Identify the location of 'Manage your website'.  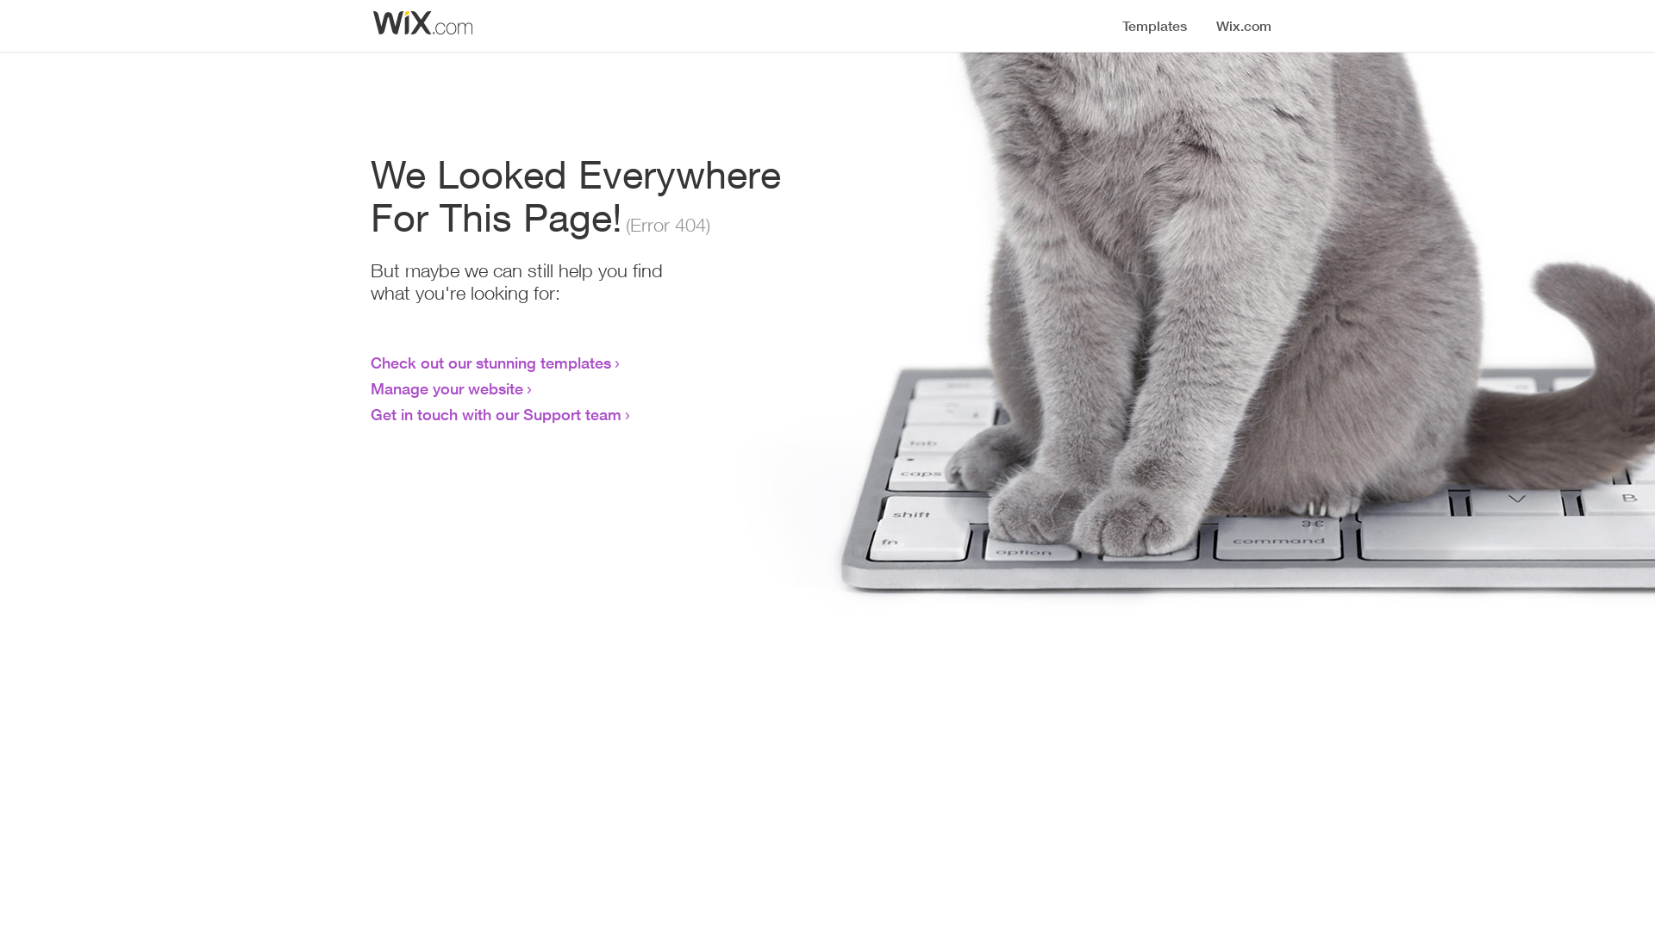
(370, 388).